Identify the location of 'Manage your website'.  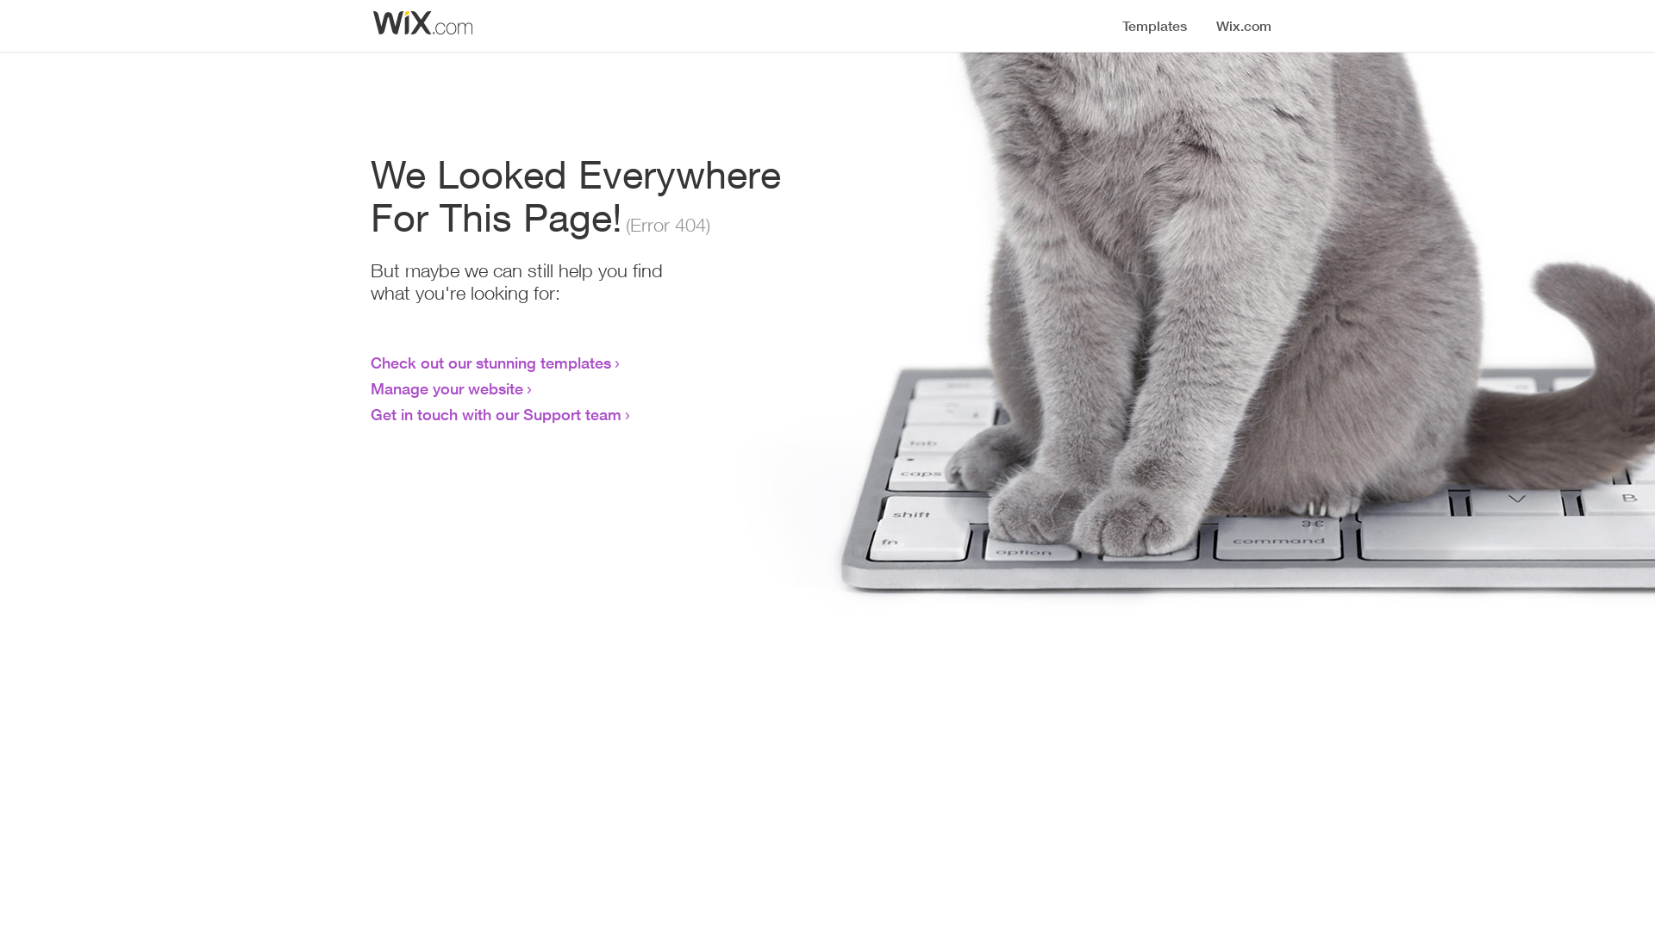
(370, 388).